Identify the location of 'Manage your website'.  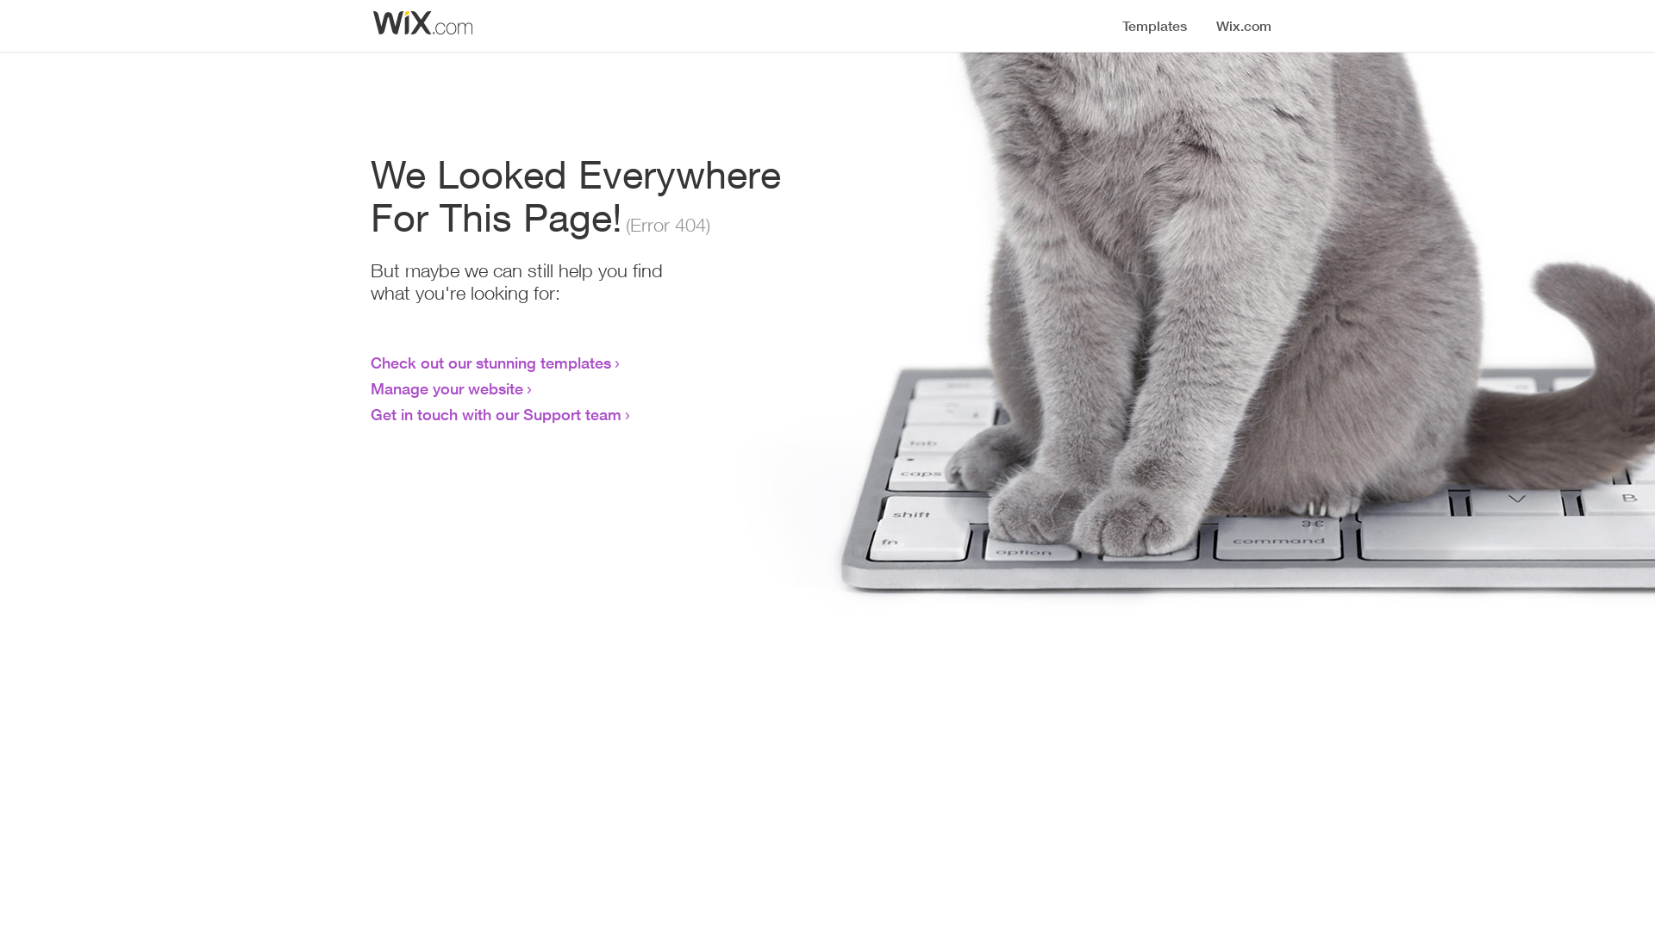
(370, 388).